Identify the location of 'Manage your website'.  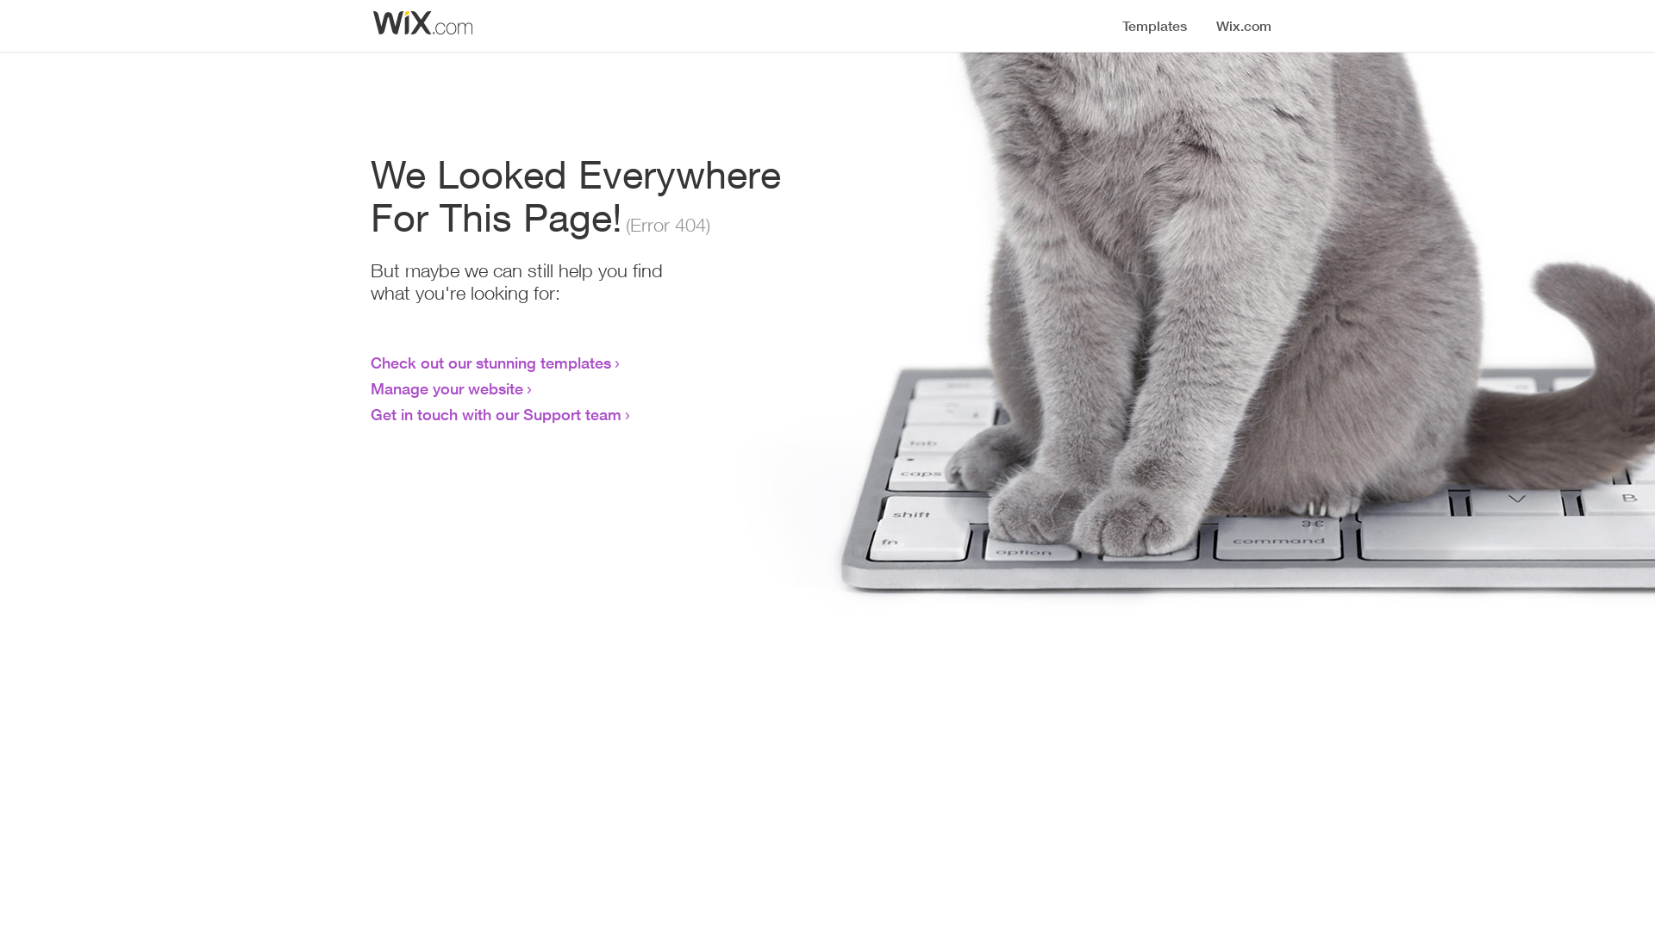
(370, 388).